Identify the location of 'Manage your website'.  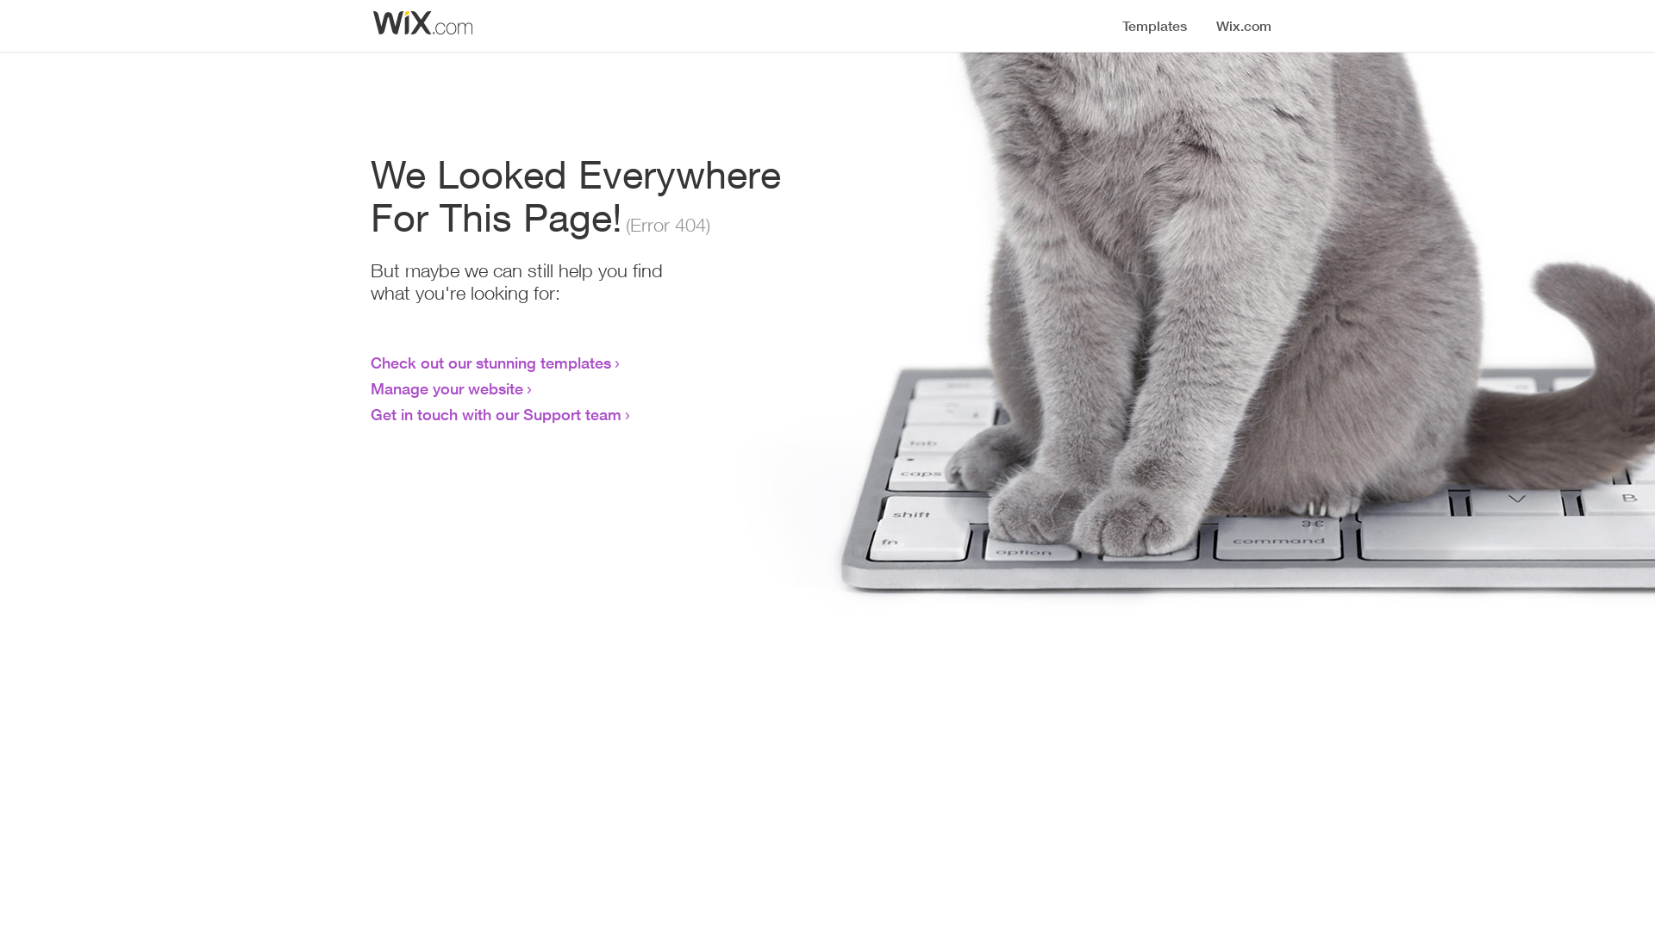
(370, 388).